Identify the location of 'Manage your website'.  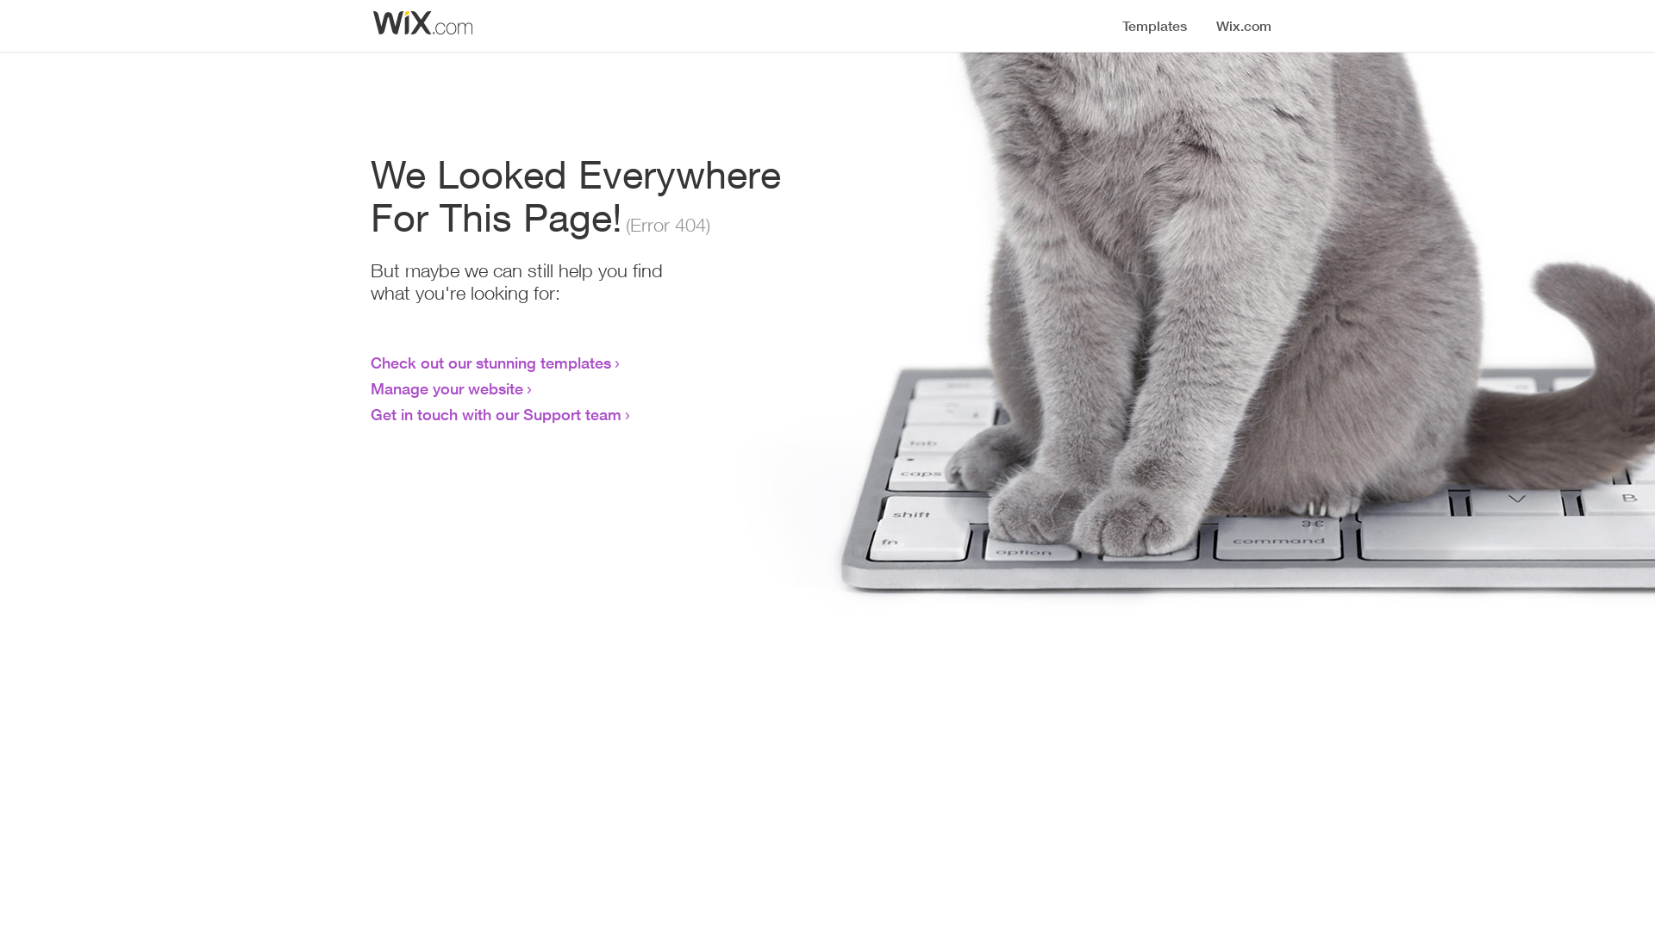
(370, 388).